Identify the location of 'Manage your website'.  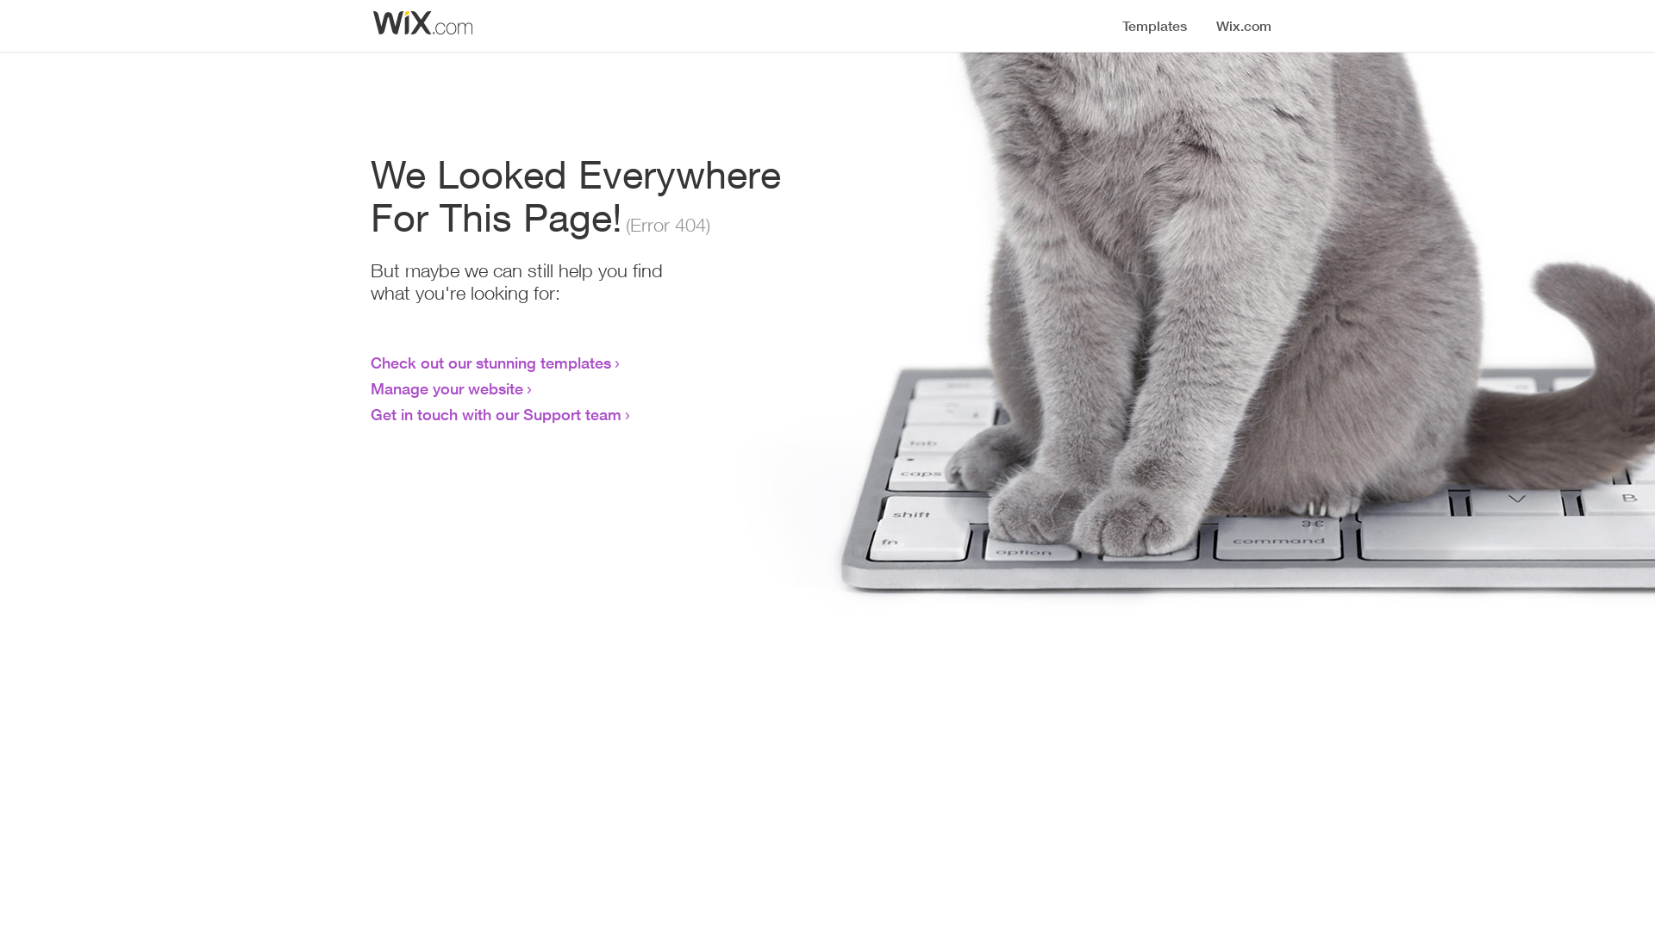
(370, 388).